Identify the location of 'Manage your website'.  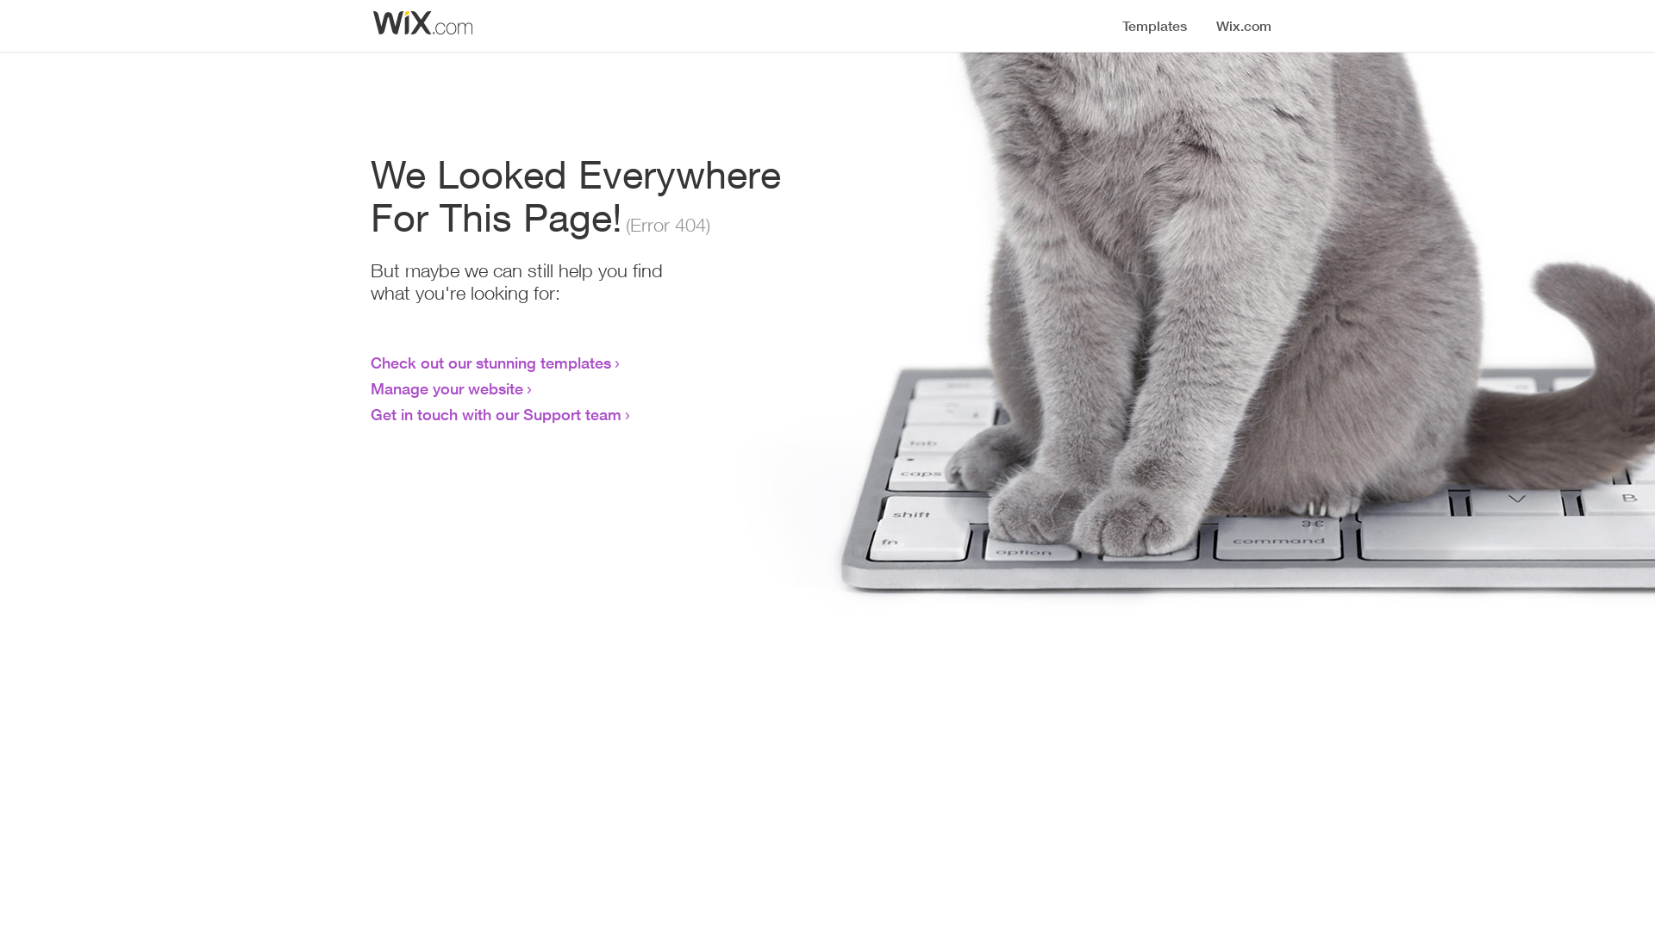
(370, 388).